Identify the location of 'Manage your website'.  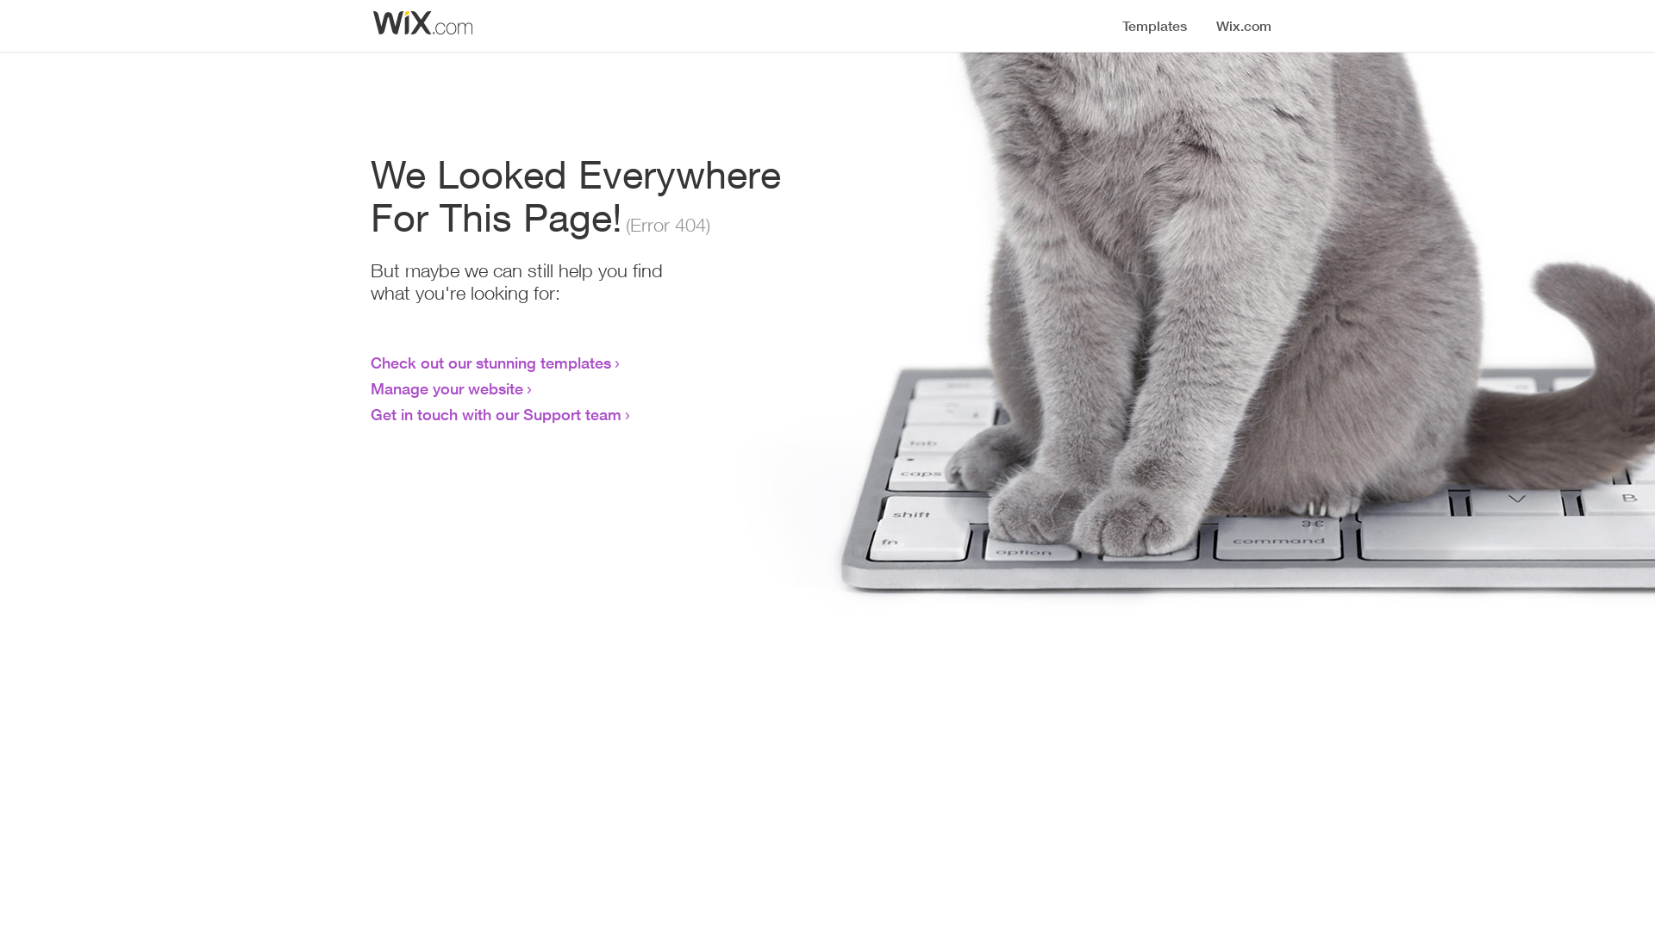
(370, 388).